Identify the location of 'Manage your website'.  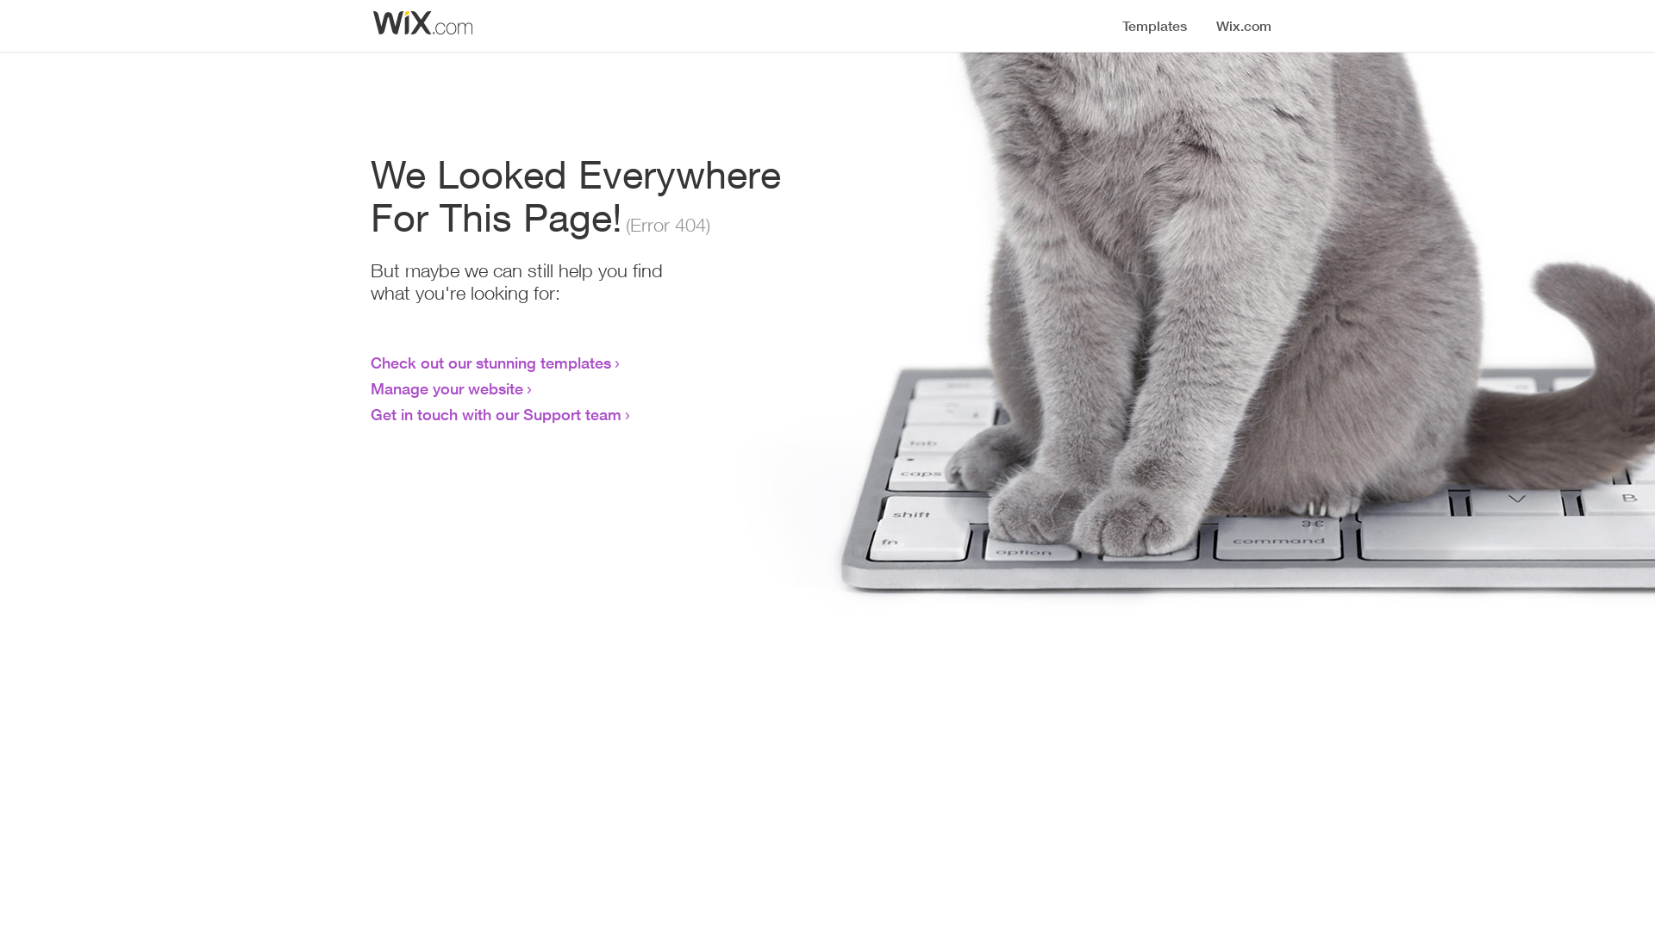
(370, 388).